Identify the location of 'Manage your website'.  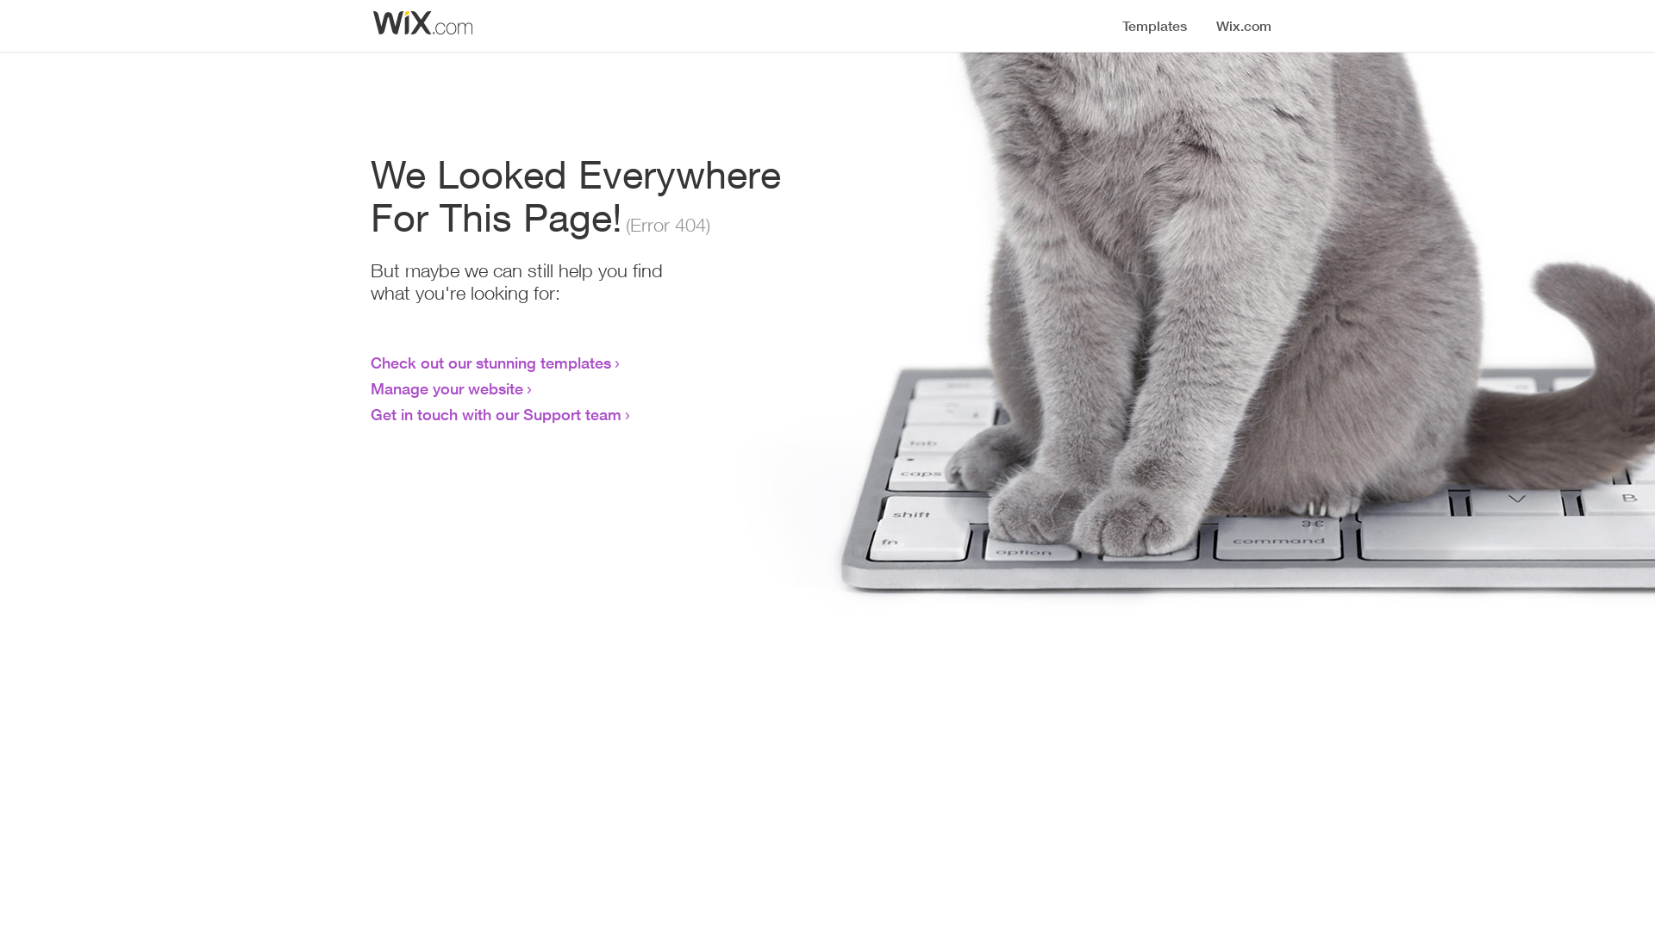
(370, 388).